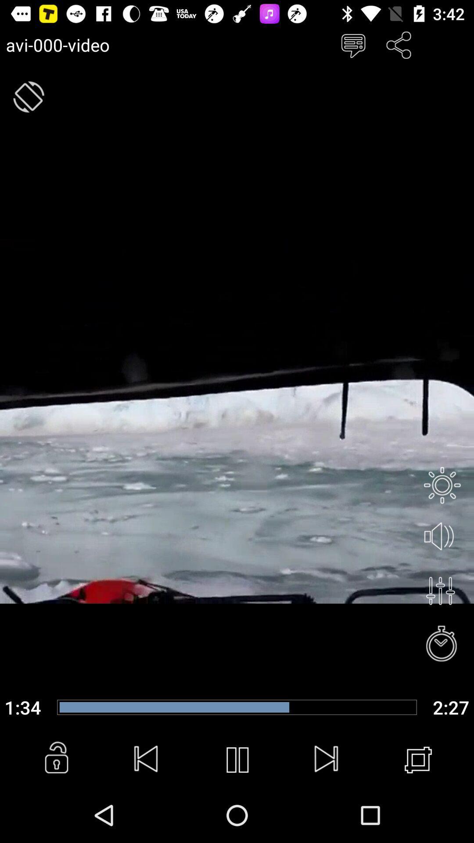 The image size is (474, 843). What do you see at coordinates (28, 97) in the screenshot?
I see `vibrate` at bounding box center [28, 97].